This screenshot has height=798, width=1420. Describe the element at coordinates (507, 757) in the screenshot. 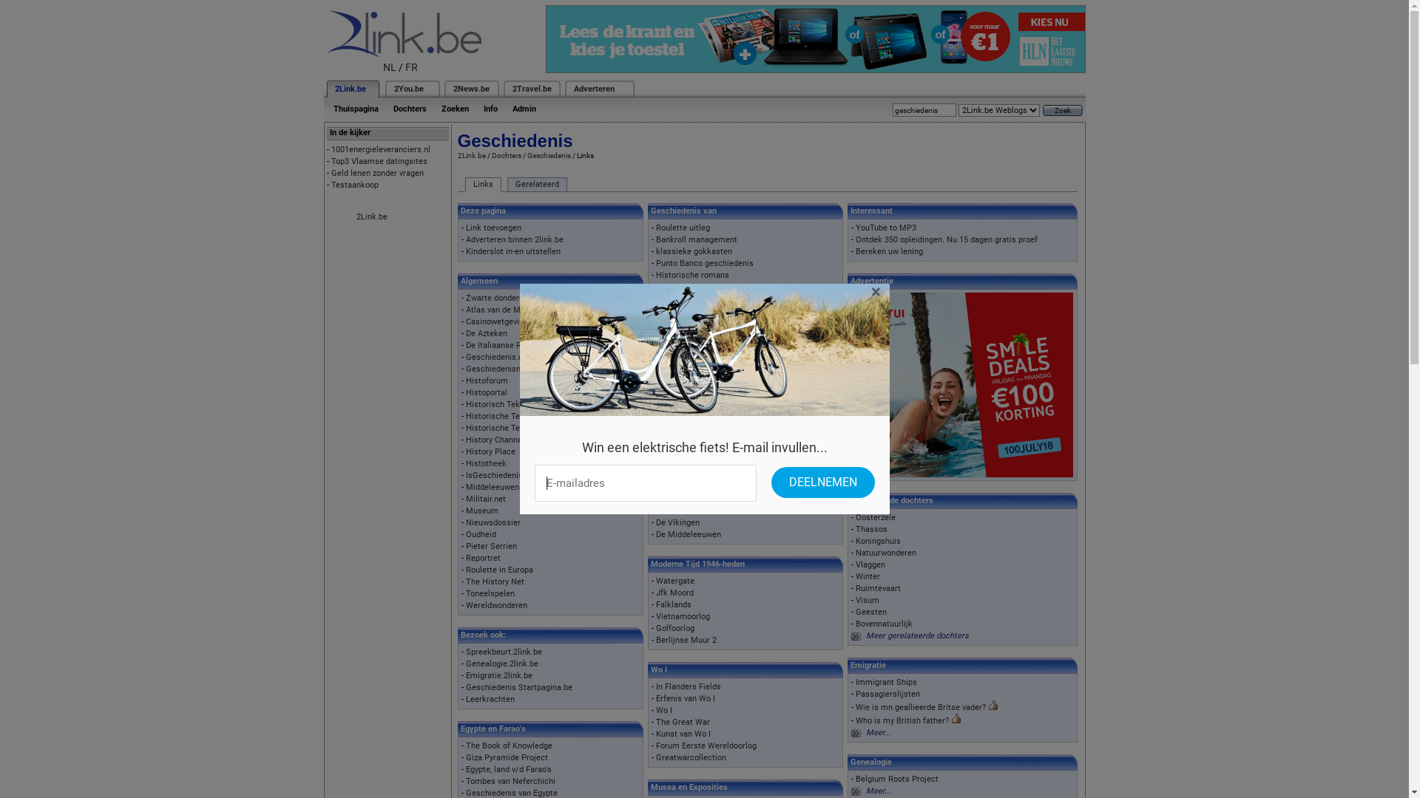

I see `'Giza Pyramide Project'` at that location.